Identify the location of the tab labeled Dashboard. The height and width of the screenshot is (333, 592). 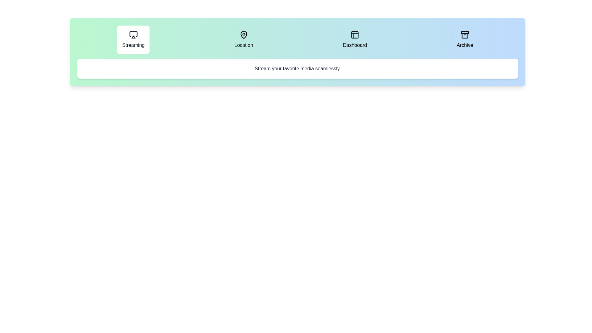
(355, 39).